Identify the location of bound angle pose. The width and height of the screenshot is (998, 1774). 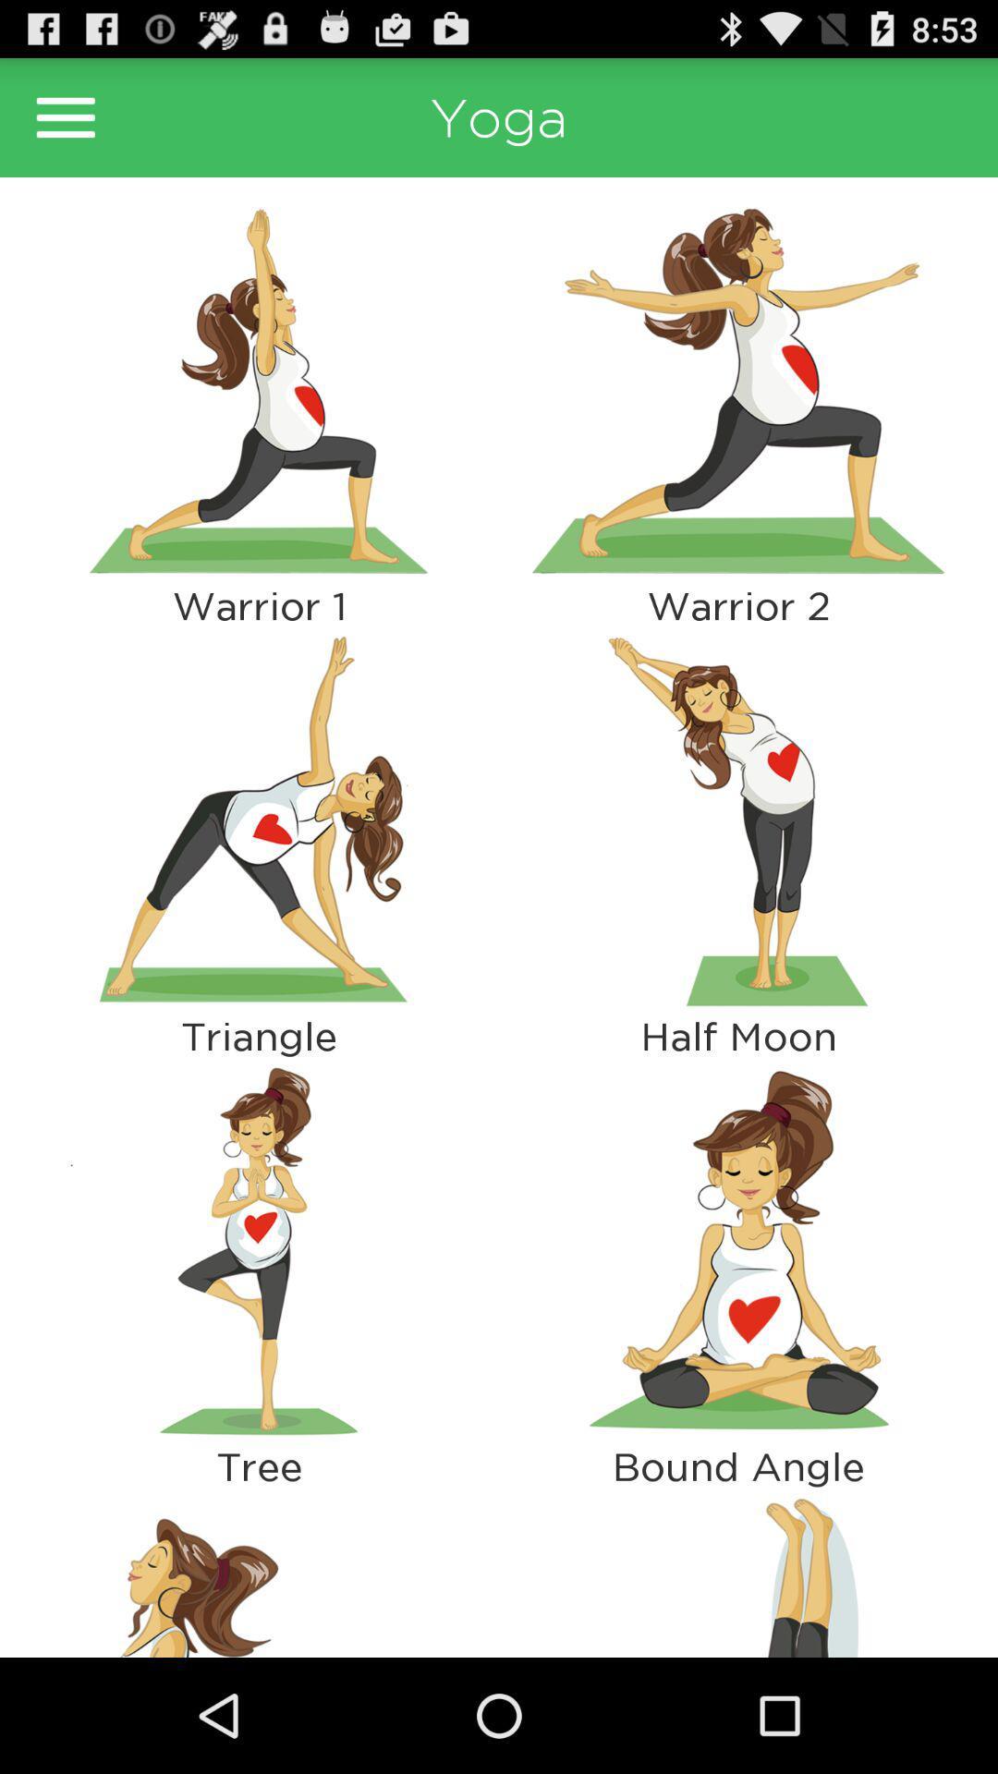
(737, 1251).